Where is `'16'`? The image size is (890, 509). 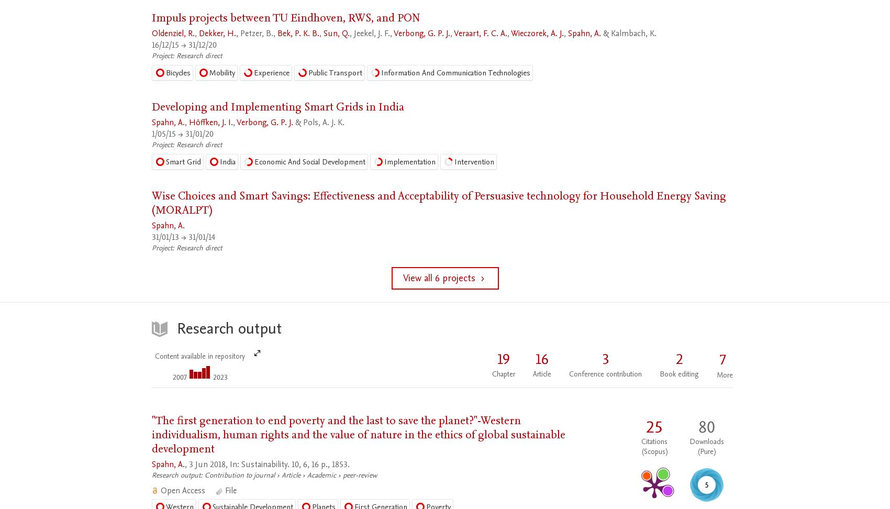
'16' is located at coordinates (535, 359).